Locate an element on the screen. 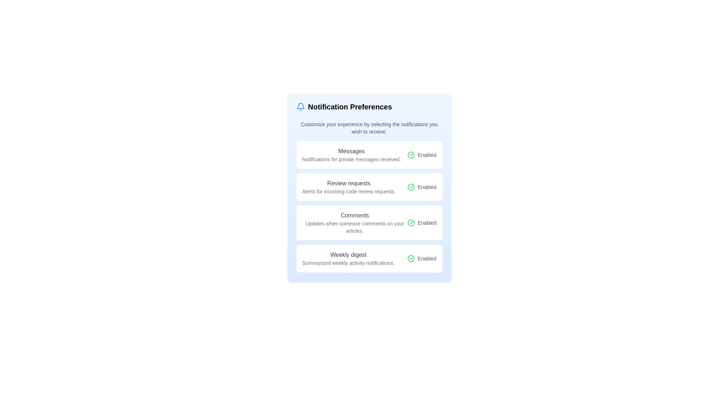 This screenshot has height=394, width=701. the header with an icon that serves as the title of the notification settings section, located at the top of the notification settings card is located at coordinates (369, 107).